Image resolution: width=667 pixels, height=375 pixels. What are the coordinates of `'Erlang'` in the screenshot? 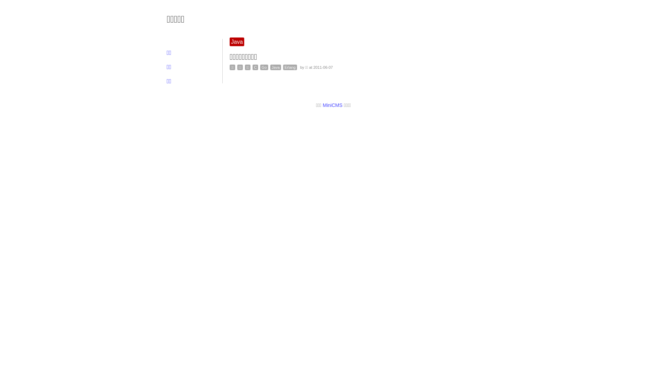 It's located at (290, 67).